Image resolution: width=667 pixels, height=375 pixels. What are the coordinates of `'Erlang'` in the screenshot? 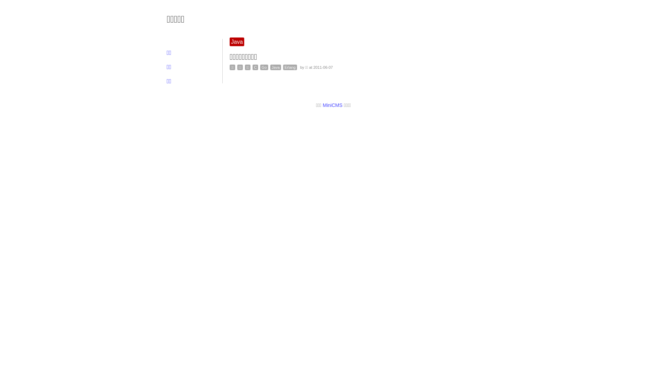 It's located at (290, 67).